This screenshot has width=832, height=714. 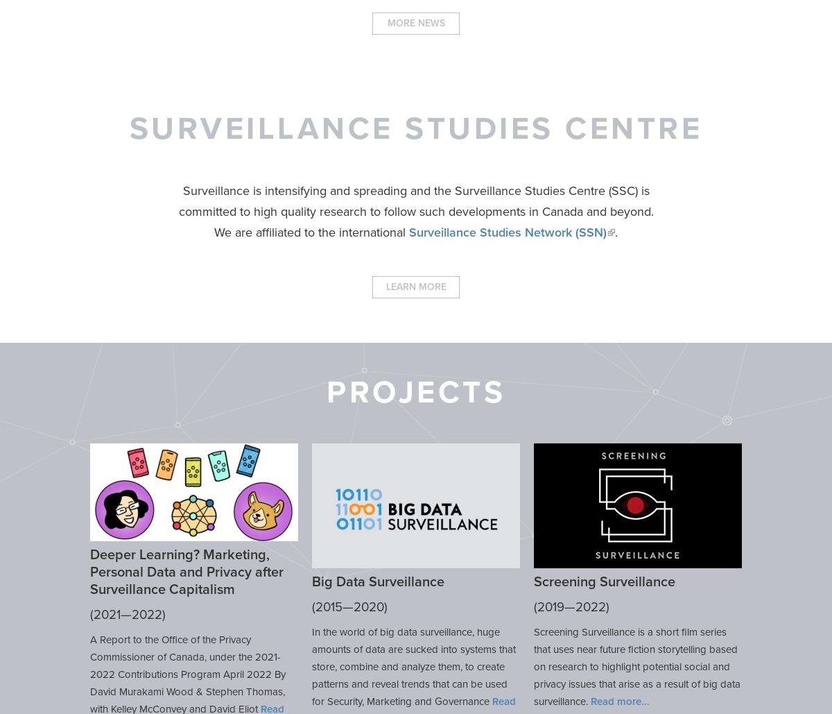 I want to click on 'Screening Surveillance is a short film series that uses near future fiction storytelling based on research to highlight potential social and privacy issues that arise as a result of big data surveillance.', so click(x=636, y=665).